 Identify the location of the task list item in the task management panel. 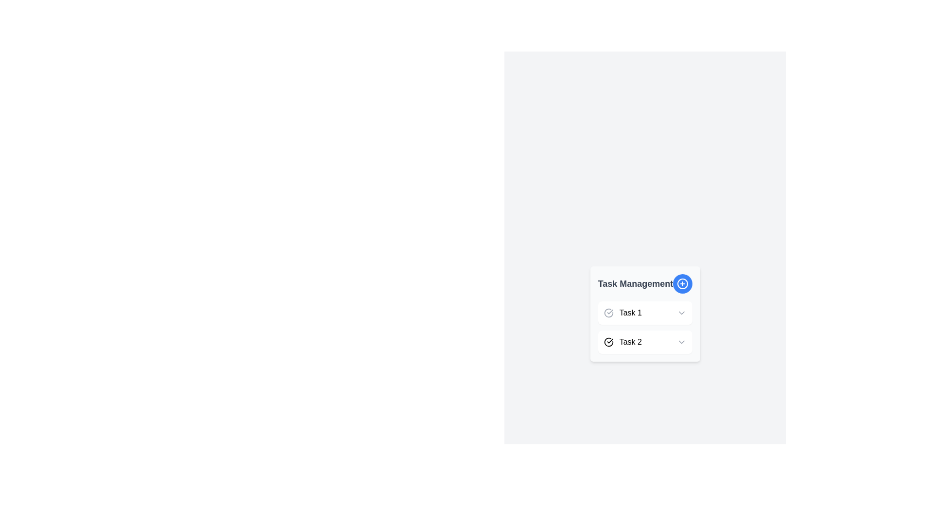
(645, 328).